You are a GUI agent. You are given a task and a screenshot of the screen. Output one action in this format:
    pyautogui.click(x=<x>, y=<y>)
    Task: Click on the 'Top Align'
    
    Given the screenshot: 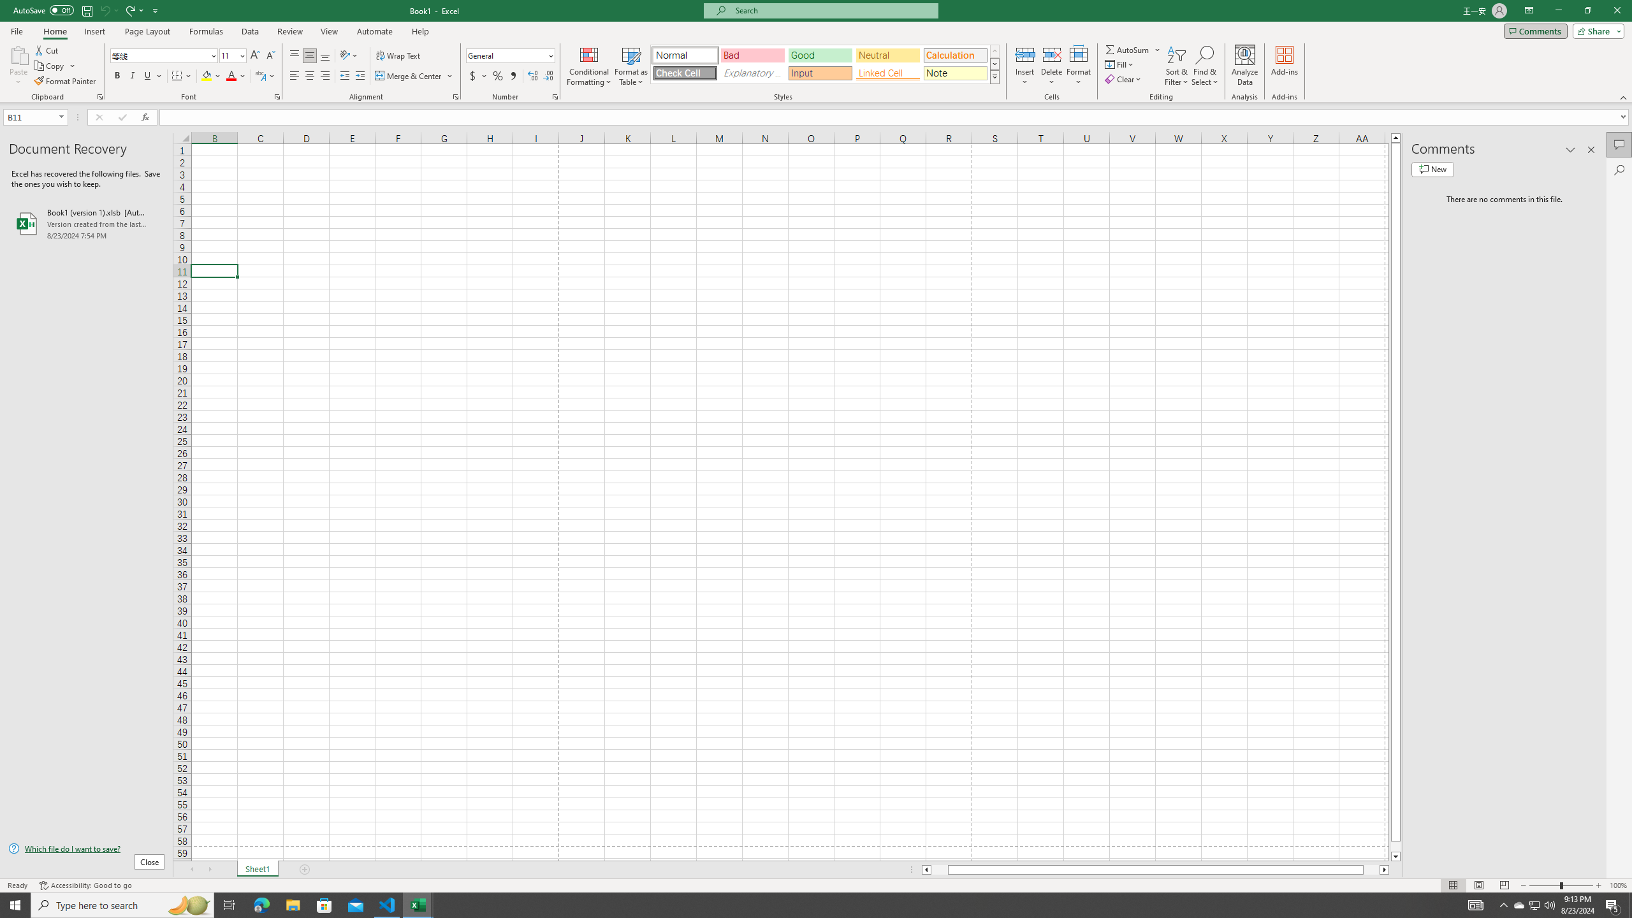 What is the action you would take?
    pyautogui.click(x=294, y=55)
    